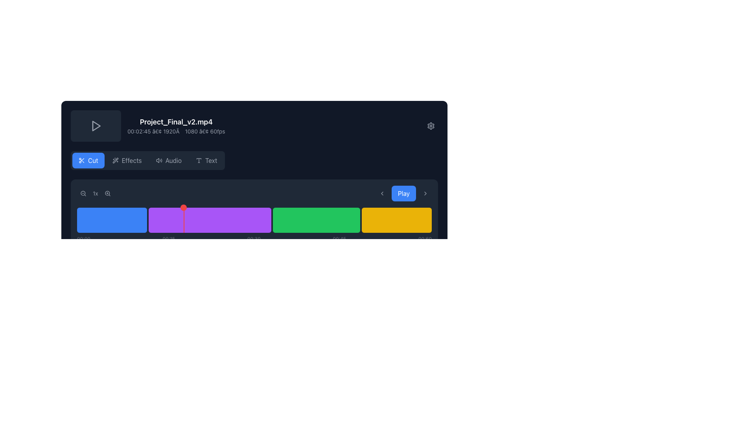  Describe the element at coordinates (95, 194) in the screenshot. I see `the playback speed label, which indicates the current playback speed level set to normal (1x speed), located between the zoom-out icon and the zoom-in icon` at that location.